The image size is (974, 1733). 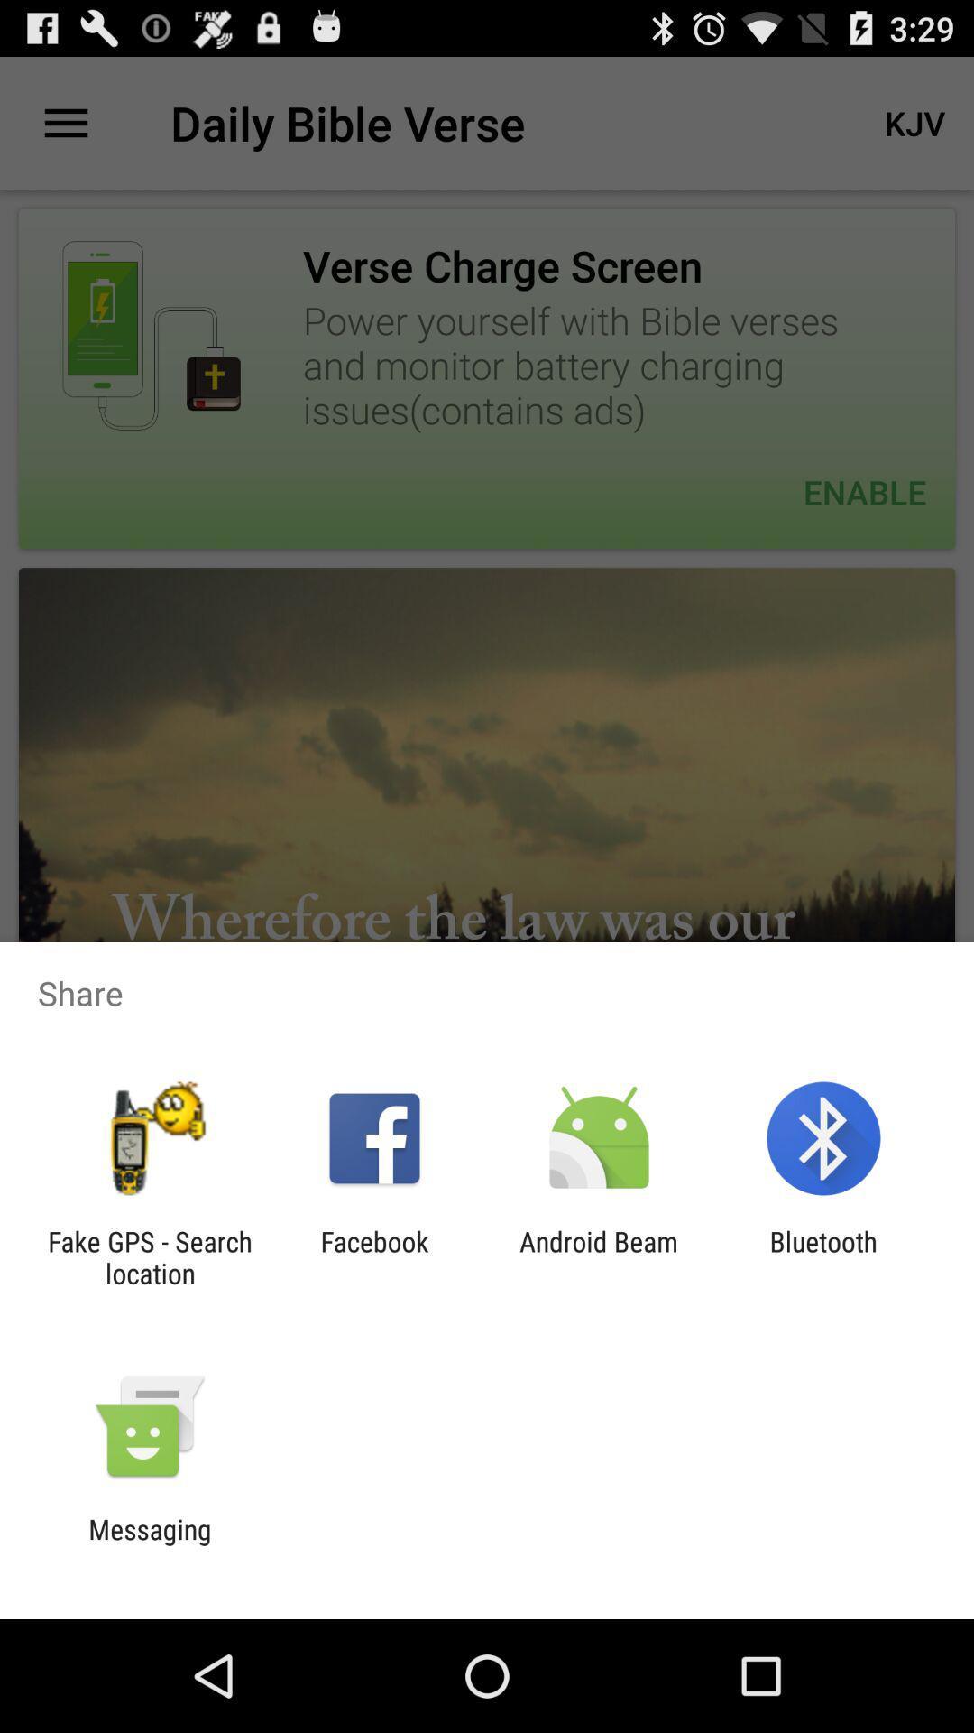 What do you see at coordinates (599, 1256) in the screenshot?
I see `the android beam item` at bounding box center [599, 1256].